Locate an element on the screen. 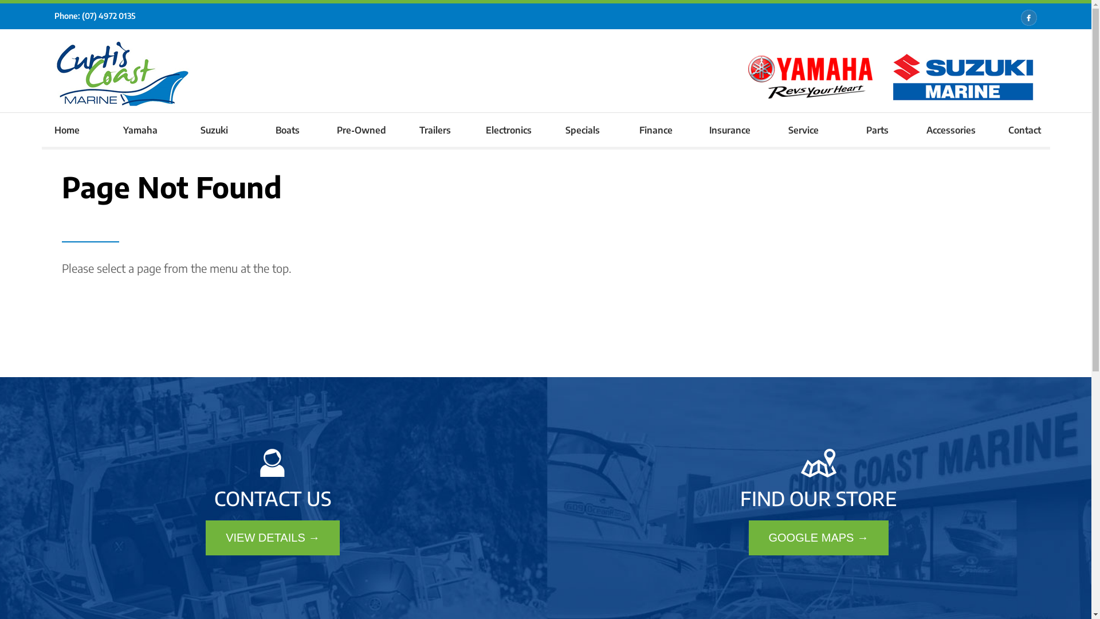  'Parts' is located at coordinates (877, 129).